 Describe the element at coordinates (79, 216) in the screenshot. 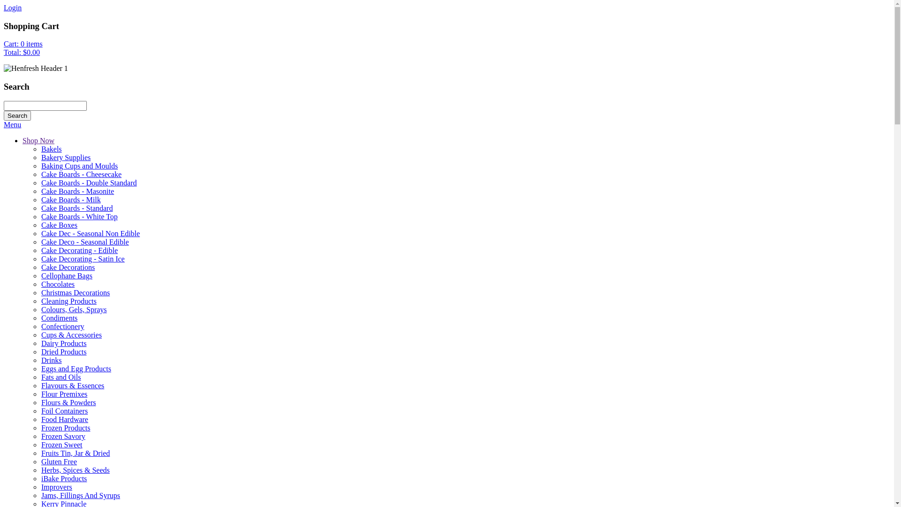

I see `'Cake Boards - White Top'` at that location.